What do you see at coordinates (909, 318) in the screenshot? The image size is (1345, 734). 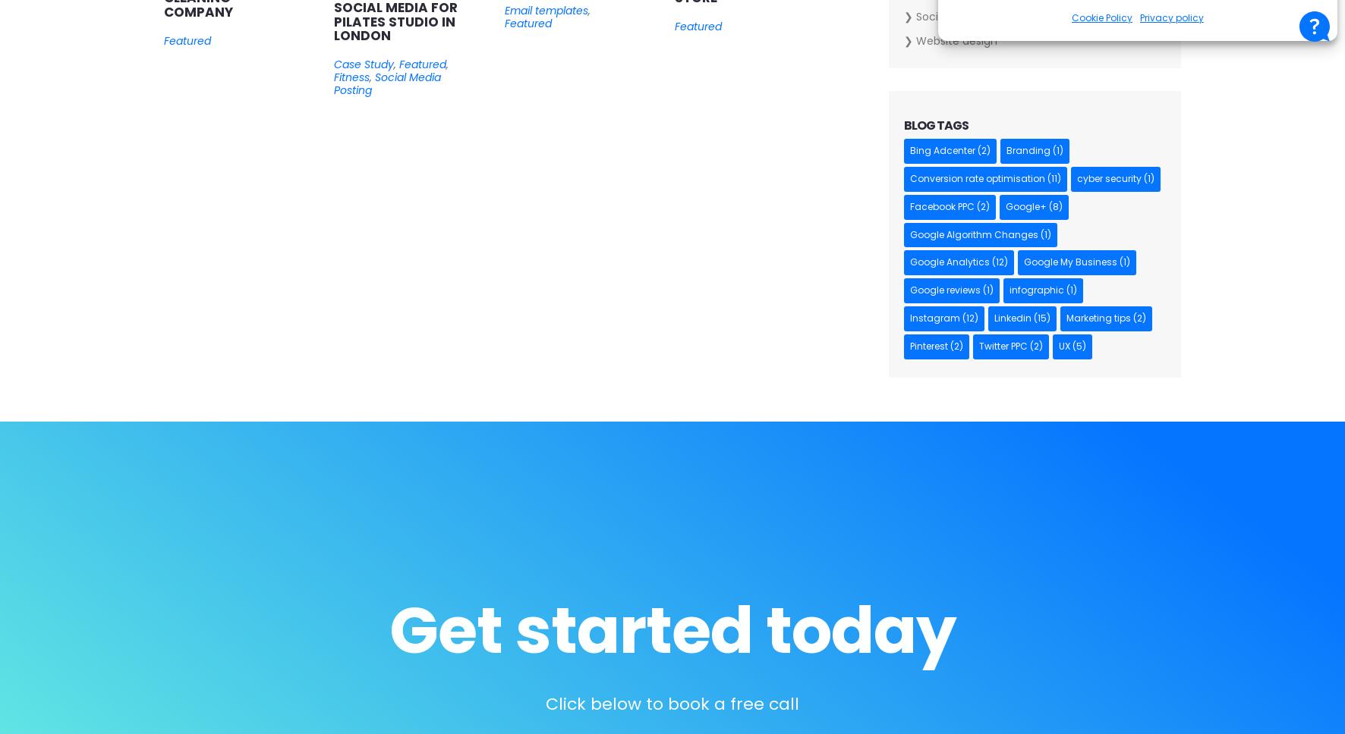 I see `'Instagram'` at bounding box center [909, 318].